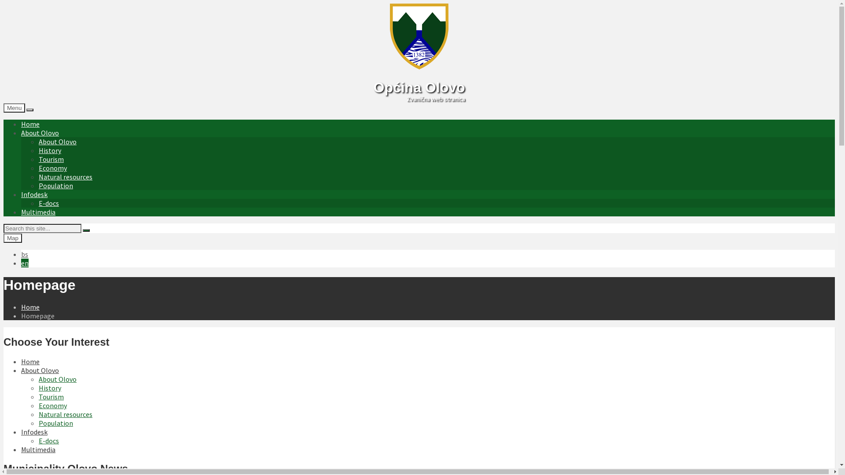 This screenshot has height=475, width=845. What do you see at coordinates (12, 238) in the screenshot?
I see `'Map'` at bounding box center [12, 238].